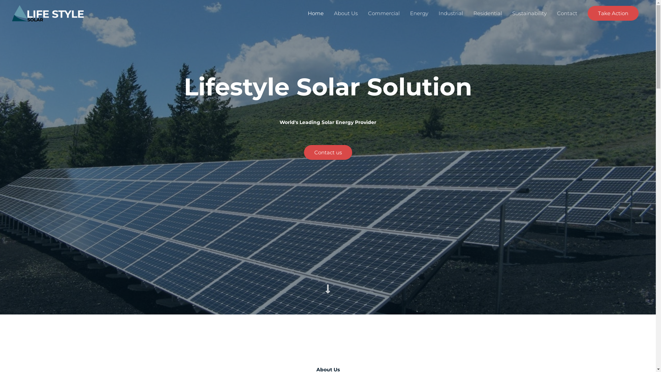 Image resolution: width=661 pixels, height=372 pixels. Describe the element at coordinates (613, 13) in the screenshot. I see `'Take Action'` at that location.